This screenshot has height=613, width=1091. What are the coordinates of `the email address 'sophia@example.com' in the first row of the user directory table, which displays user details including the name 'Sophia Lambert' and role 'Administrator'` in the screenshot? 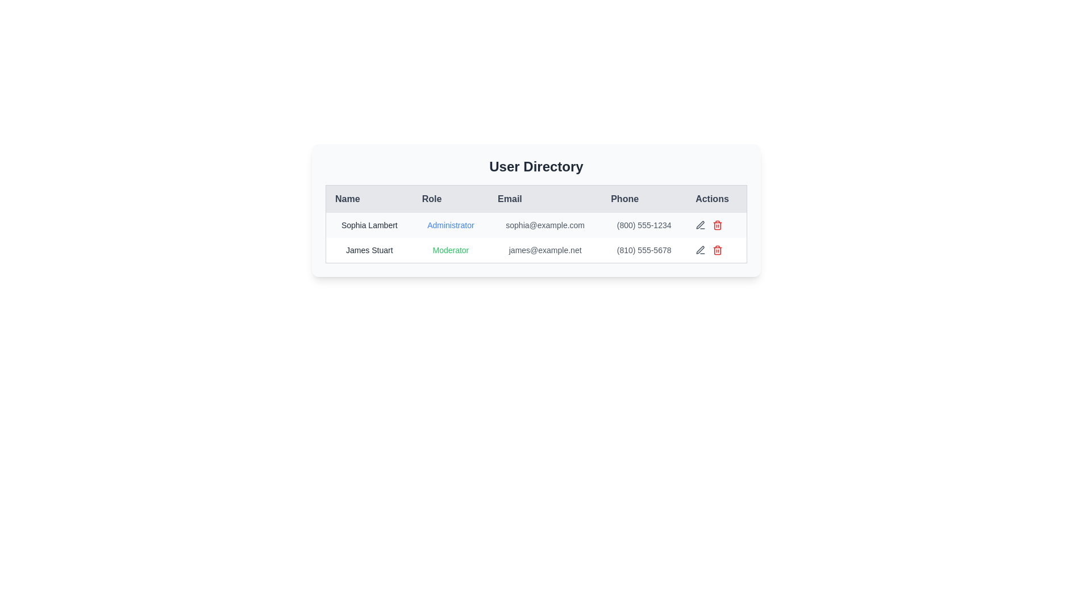 It's located at (536, 225).